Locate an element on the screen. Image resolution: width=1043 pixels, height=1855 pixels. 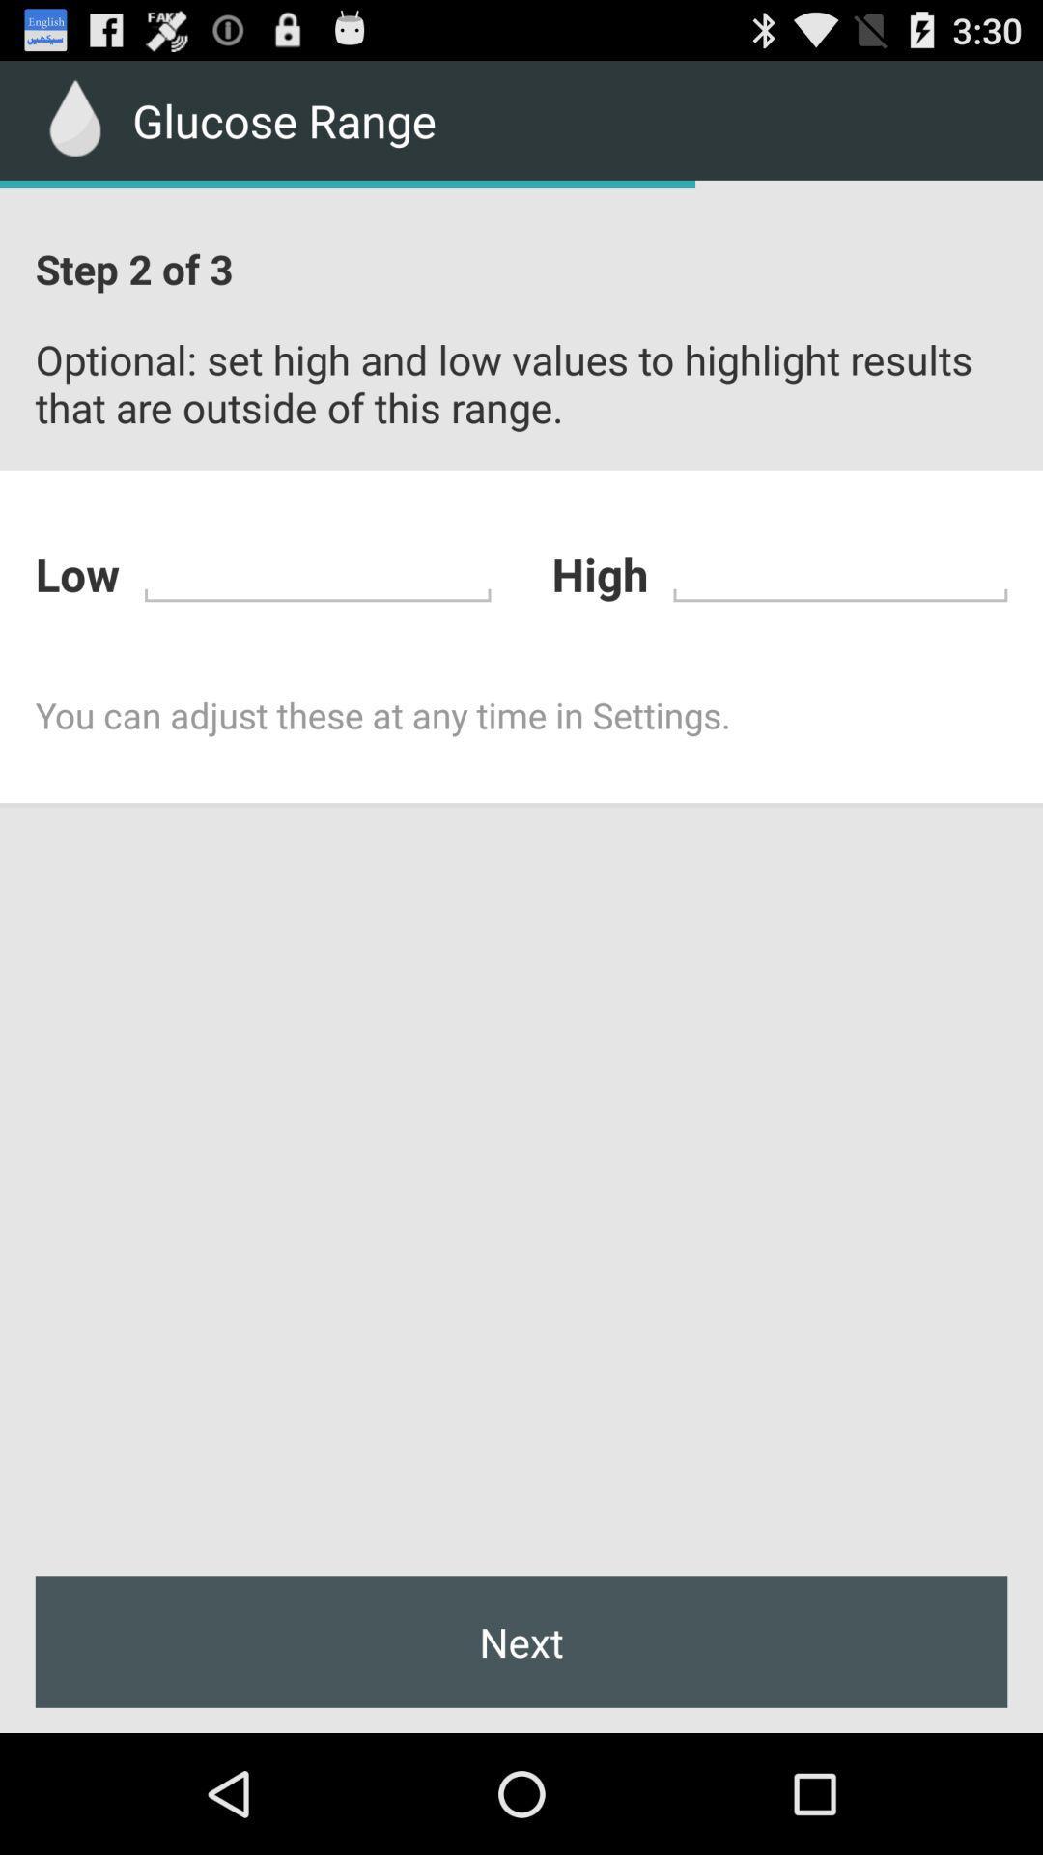
low value is located at coordinates (317, 570).